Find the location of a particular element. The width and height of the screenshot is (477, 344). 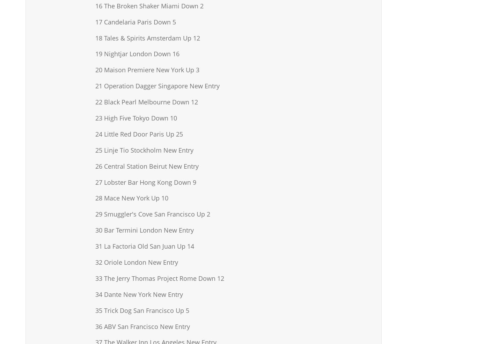

'22	Black Pearl	Melbourne	Down 12' is located at coordinates (146, 101).